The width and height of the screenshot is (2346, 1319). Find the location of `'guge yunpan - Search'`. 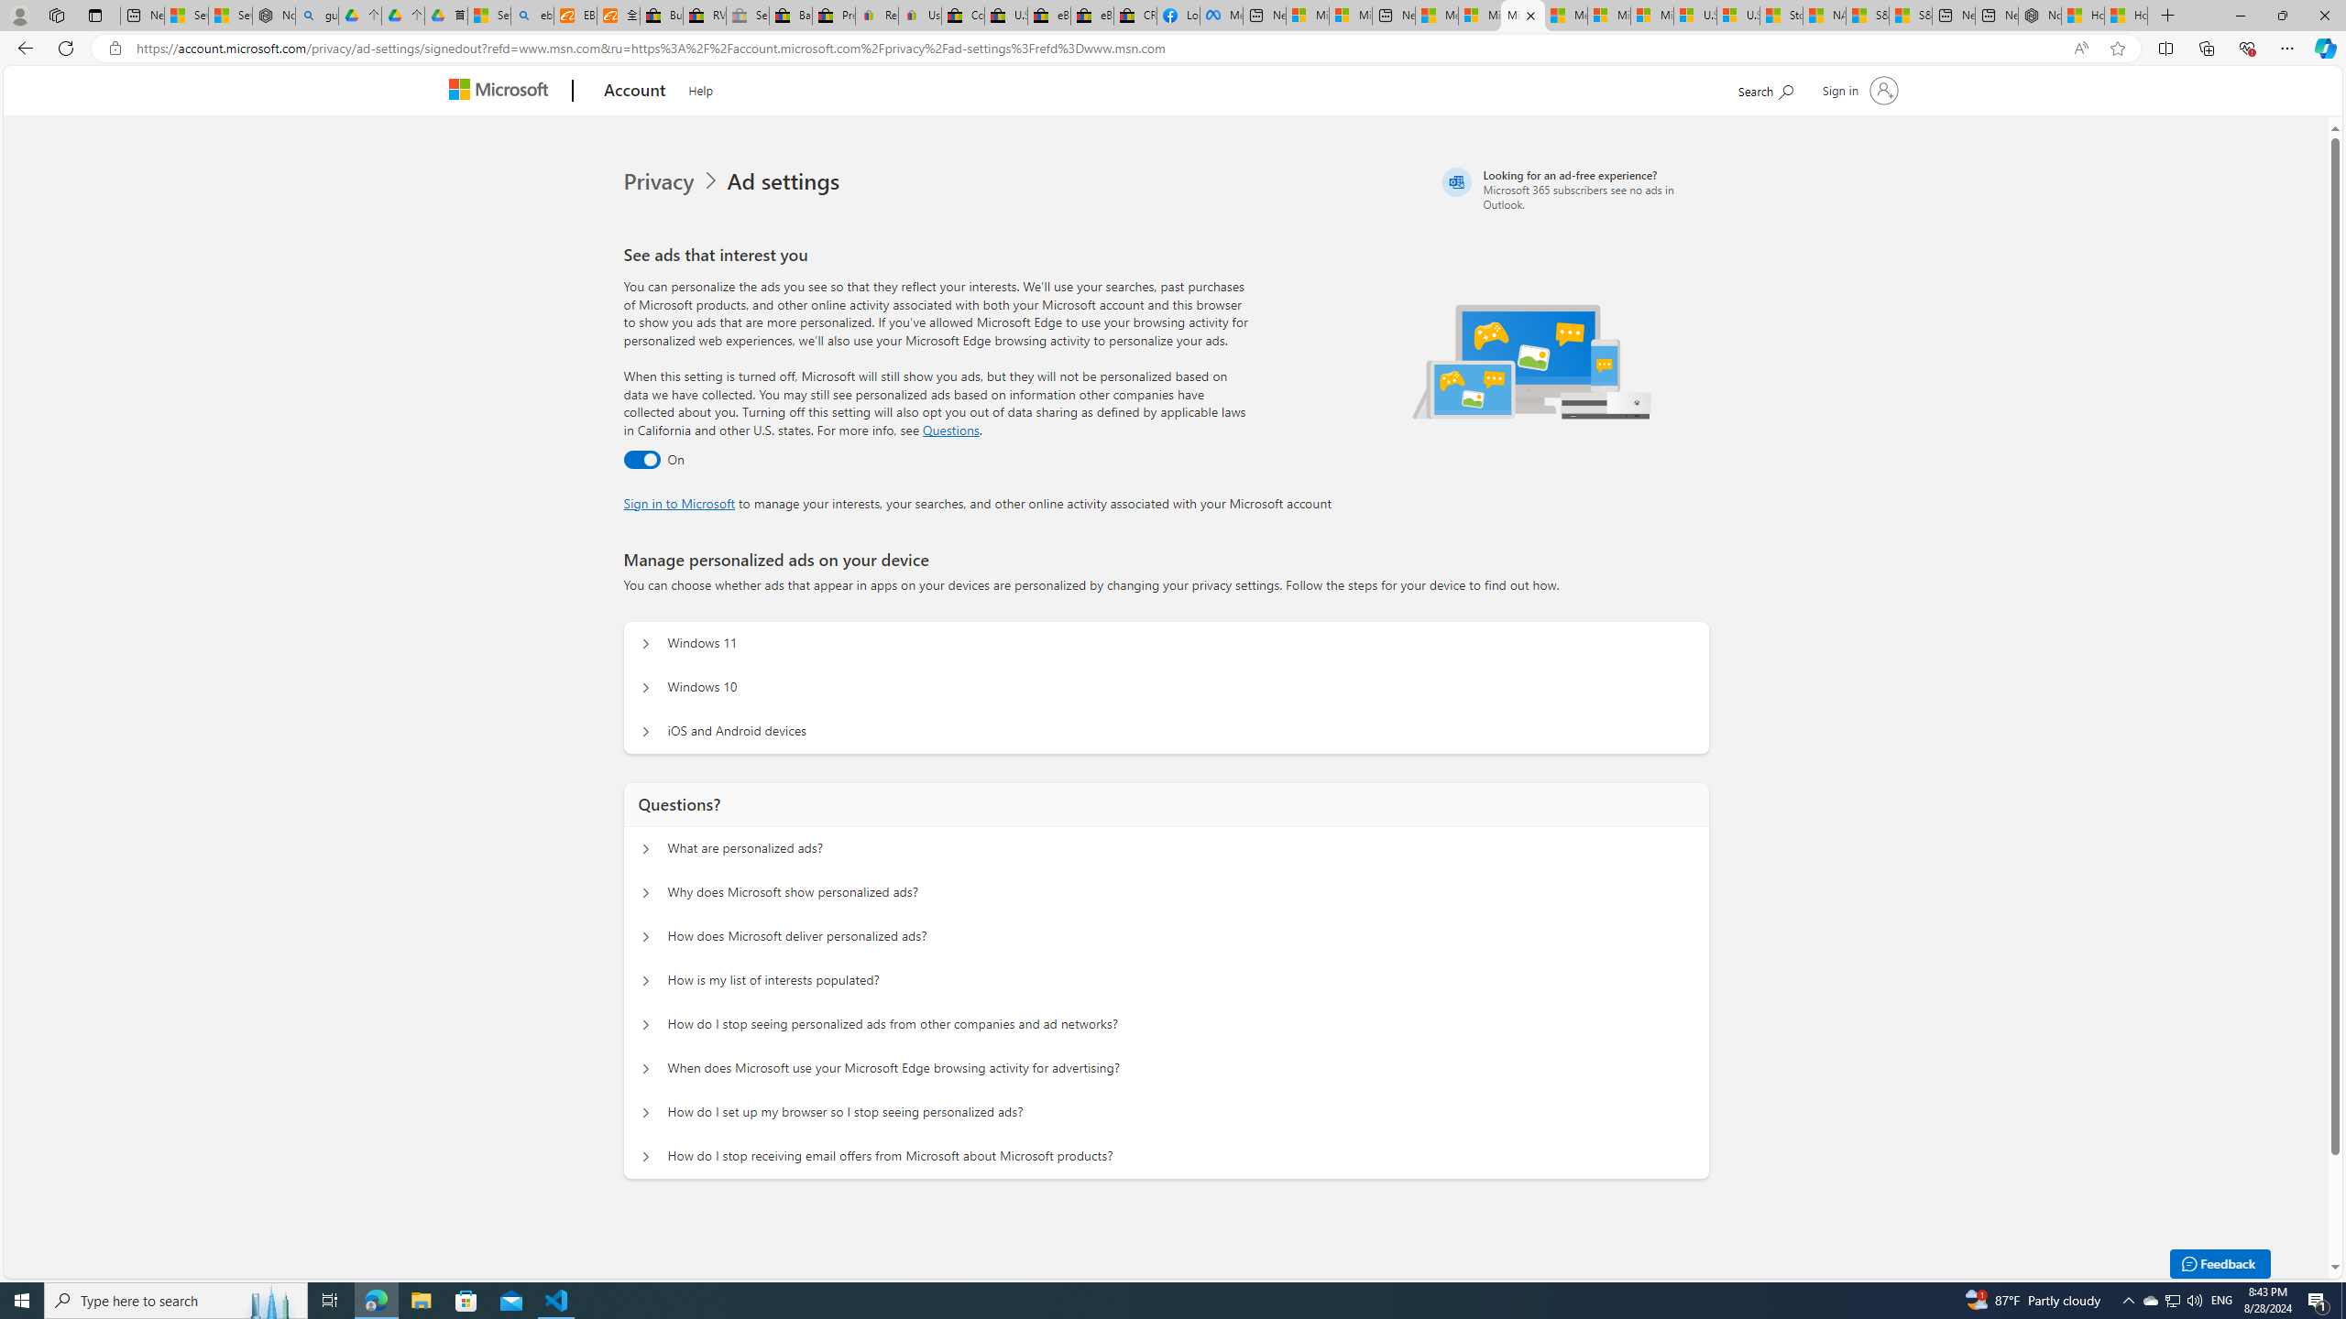

'guge yunpan - Search' is located at coordinates (317, 15).